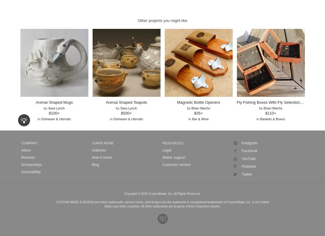 This screenshot has width=325, height=236. I want to click on 'Instagram', so click(249, 143).